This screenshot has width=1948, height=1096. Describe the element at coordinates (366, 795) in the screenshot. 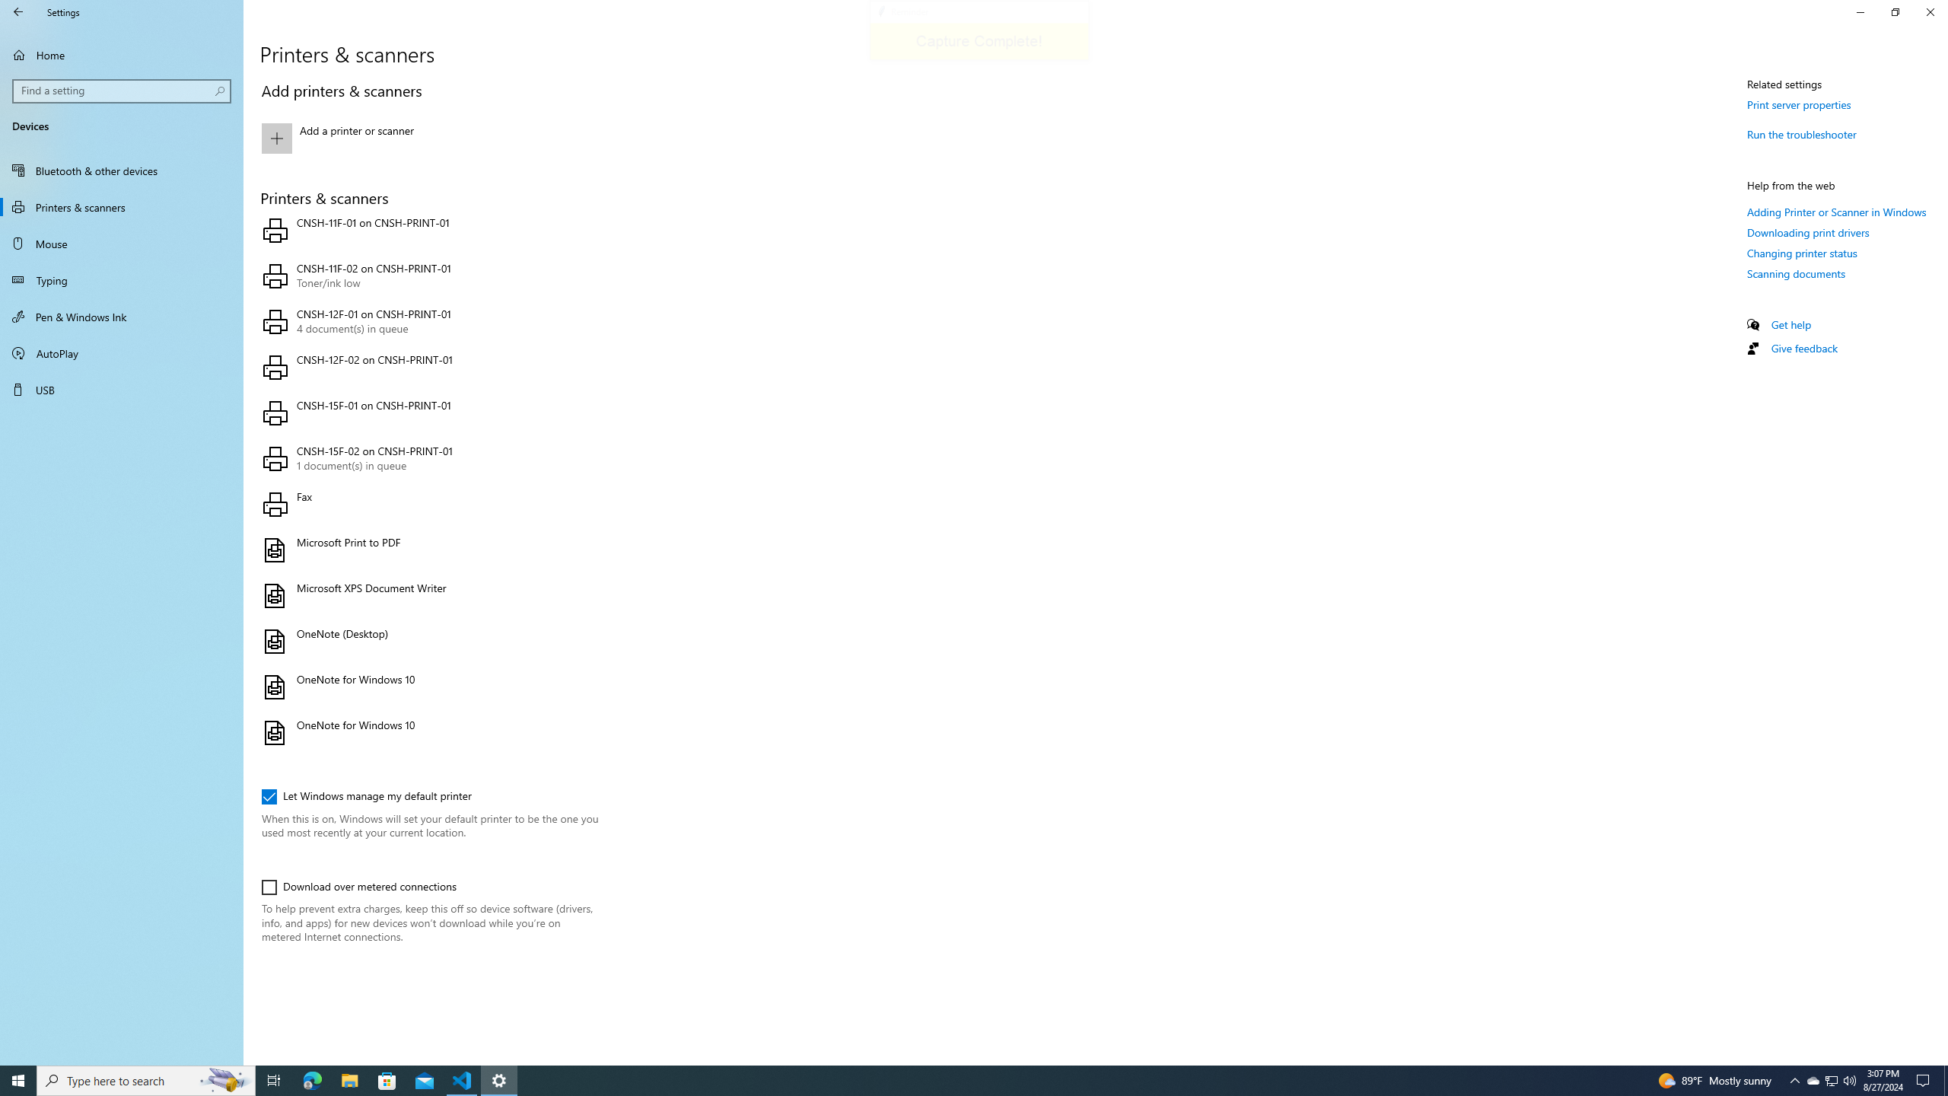

I see `'Let Windows manage my default printer'` at that location.